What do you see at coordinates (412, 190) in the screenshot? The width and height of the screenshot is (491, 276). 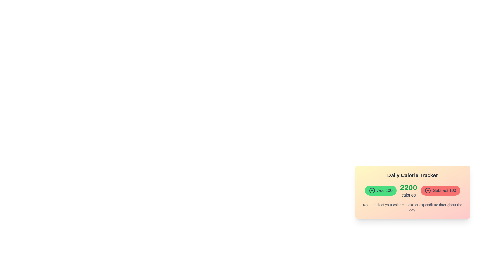 I see `the Text Display element that shows a calorie count of '2200' in bold green font, located between the 'Add 100' and 'Subtract 100' buttons in the 'Daily Calorie Tracker'` at bounding box center [412, 190].